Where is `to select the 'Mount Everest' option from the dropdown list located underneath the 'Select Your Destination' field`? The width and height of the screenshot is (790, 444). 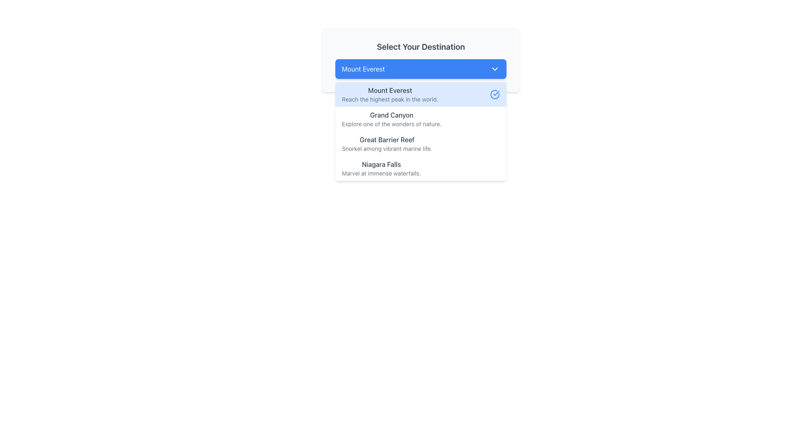
to select the 'Mount Everest' option from the dropdown list located underneath the 'Select Your Destination' field is located at coordinates (421, 94).